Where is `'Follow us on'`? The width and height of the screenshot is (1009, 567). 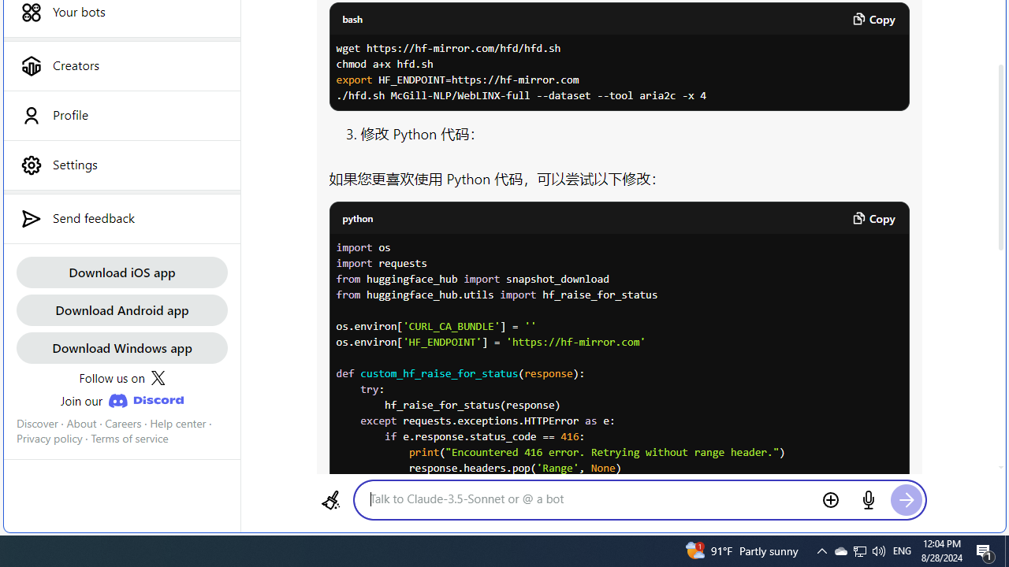
'Follow us on' is located at coordinates (121, 377).